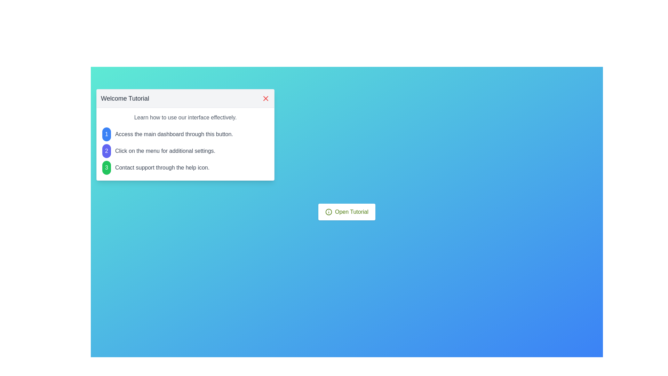 This screenshot has width=668, height=376. Describe the element at coordinates (185, 135) in the screenshot. I see `instructions displayed in the modal dialog that serves as an introductory tutorial for users, located above the 'Open Tutorial' button` at that location.